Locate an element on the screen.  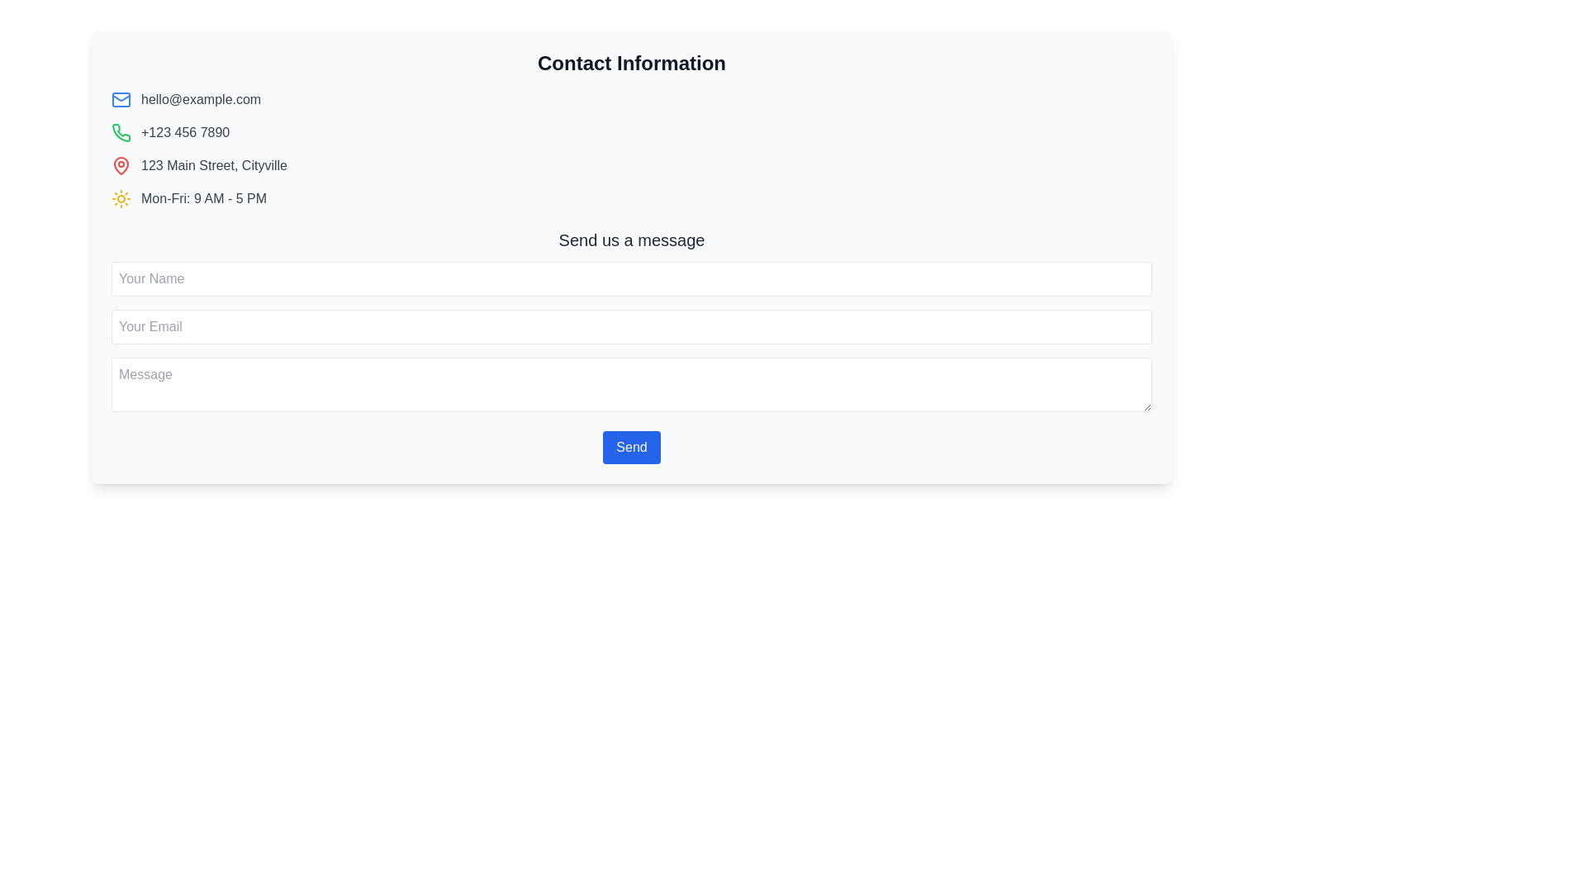
the rectangle with rounded corners that forms the background of the mail icon, located near the top left corner of the interface is located at coordinates (121, 99).